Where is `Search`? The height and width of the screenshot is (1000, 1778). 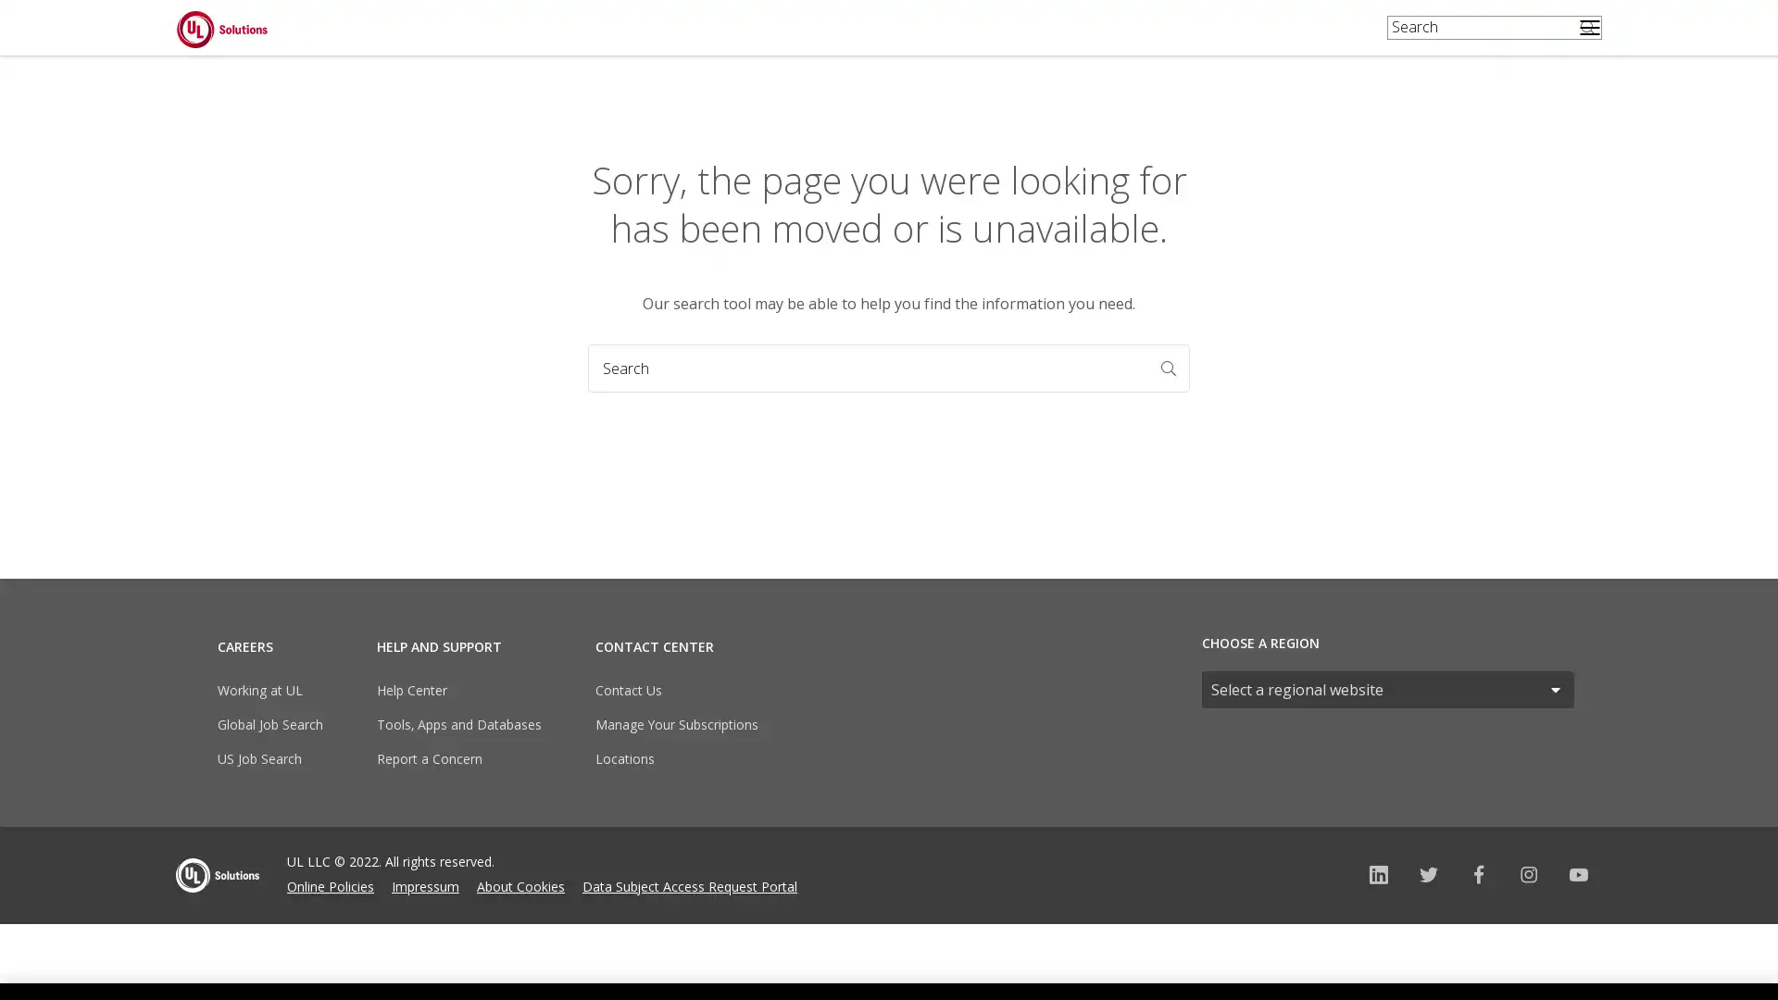 Search is located at coordinates (1181, 381).